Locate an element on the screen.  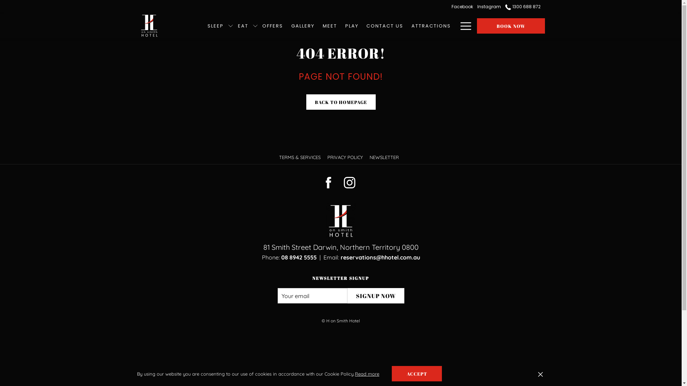
'SIGNUP NOW' is located at coordinates (375, 296).